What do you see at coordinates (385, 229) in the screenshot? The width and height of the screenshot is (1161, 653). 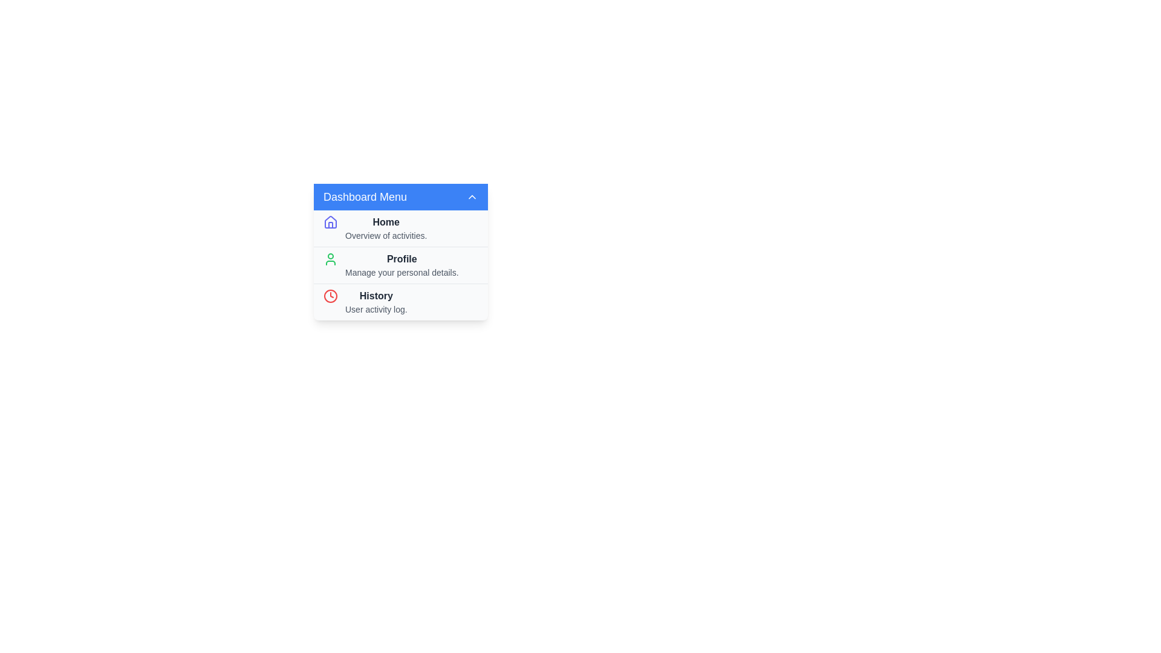 I see `the 'Home' section header text in the 'Dashboard Menu' dropdown, which indicates an overview of activities` at bounding box center [385, 229].